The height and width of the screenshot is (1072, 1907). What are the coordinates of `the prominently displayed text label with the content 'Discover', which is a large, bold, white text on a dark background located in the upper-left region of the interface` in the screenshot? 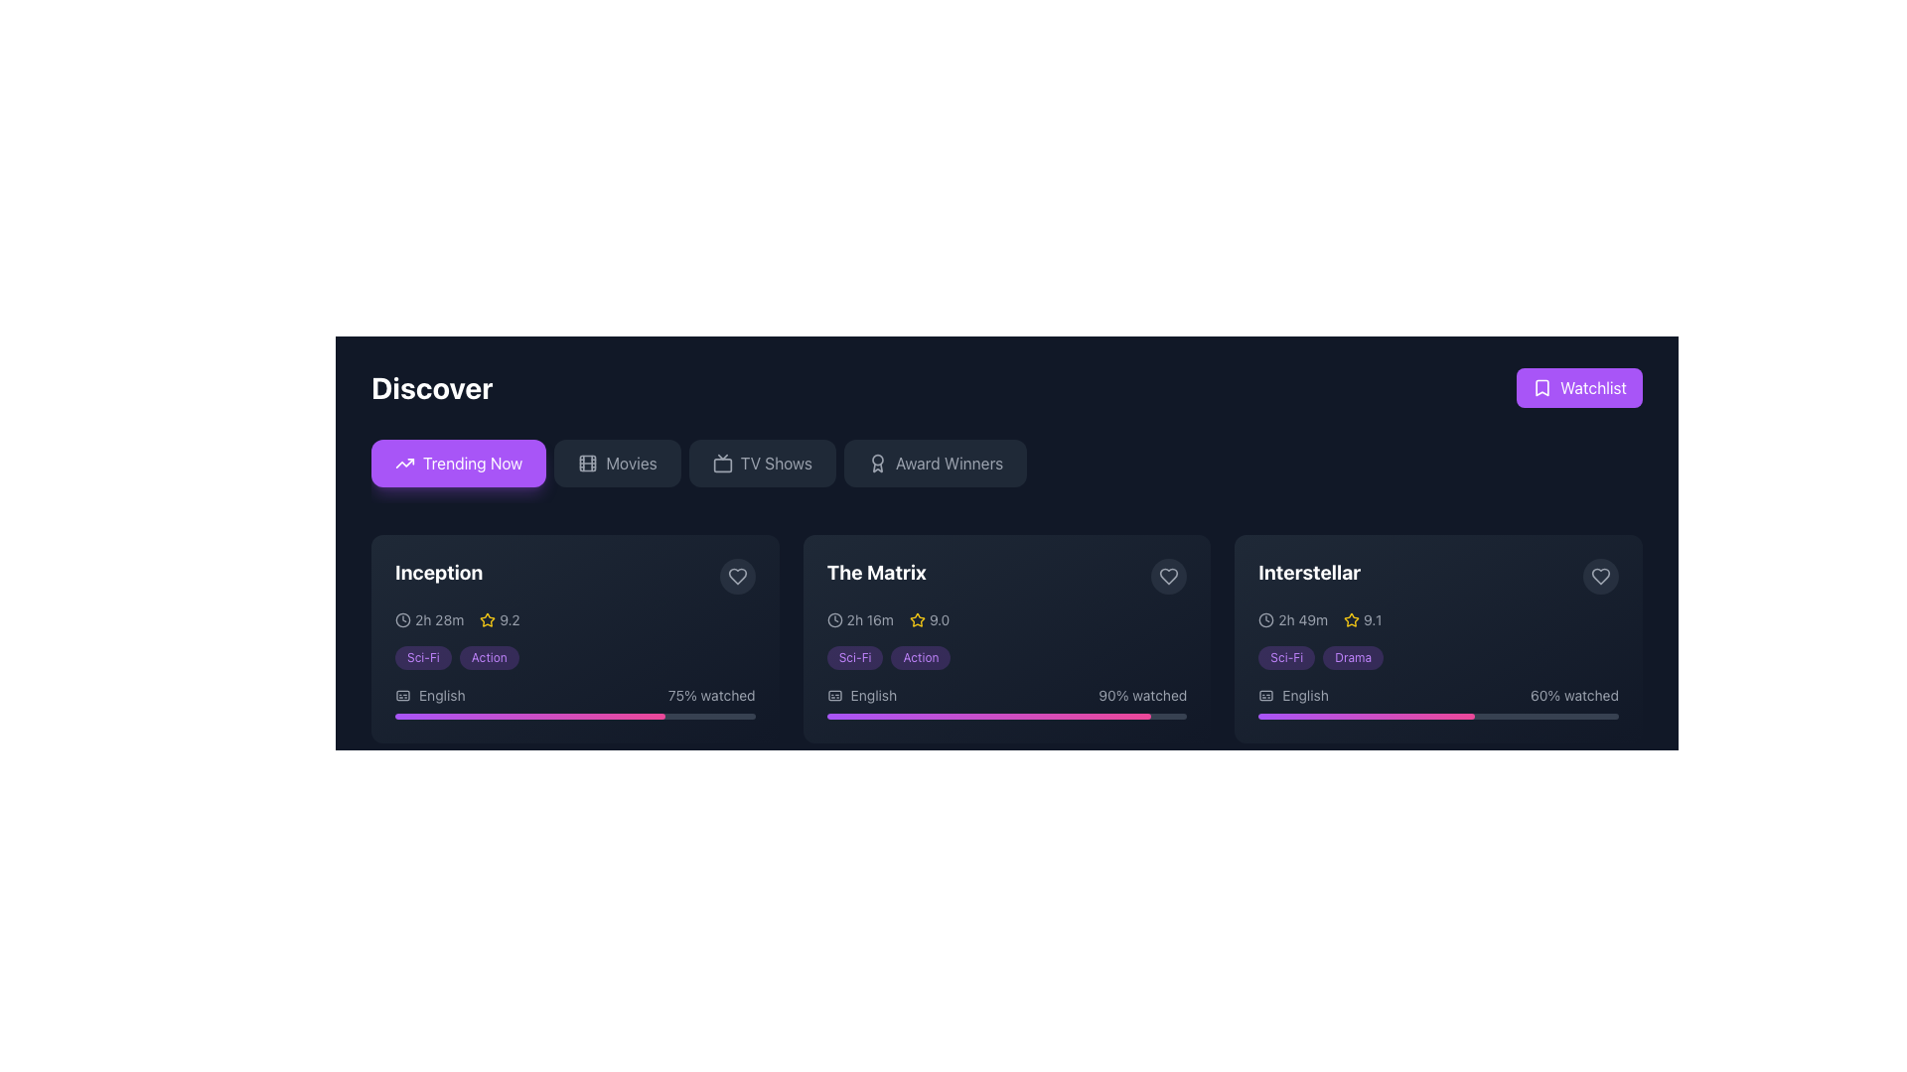 It's located at (431, 387).